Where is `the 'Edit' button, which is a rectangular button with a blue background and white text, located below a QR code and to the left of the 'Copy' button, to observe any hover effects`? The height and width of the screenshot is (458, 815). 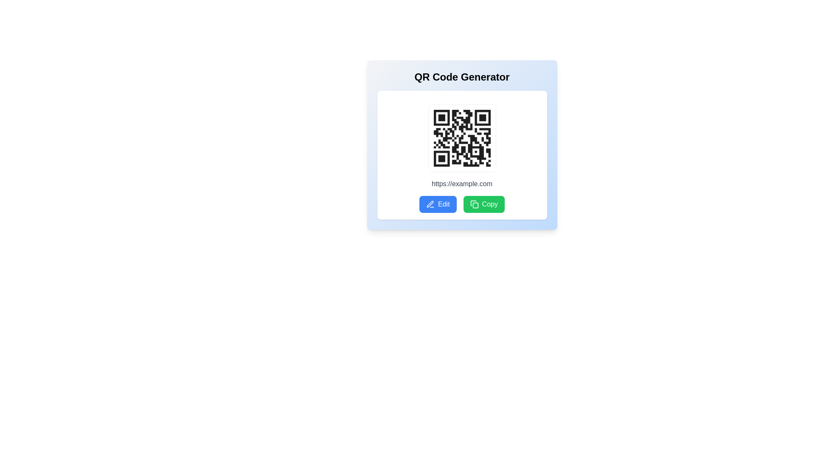 the 'Edit' button, which is a rectangular button with a blue background and white text, located below a QR code and to the left of the 'Copy' button, to observe any hover effects is located at coordinates (438, 204).